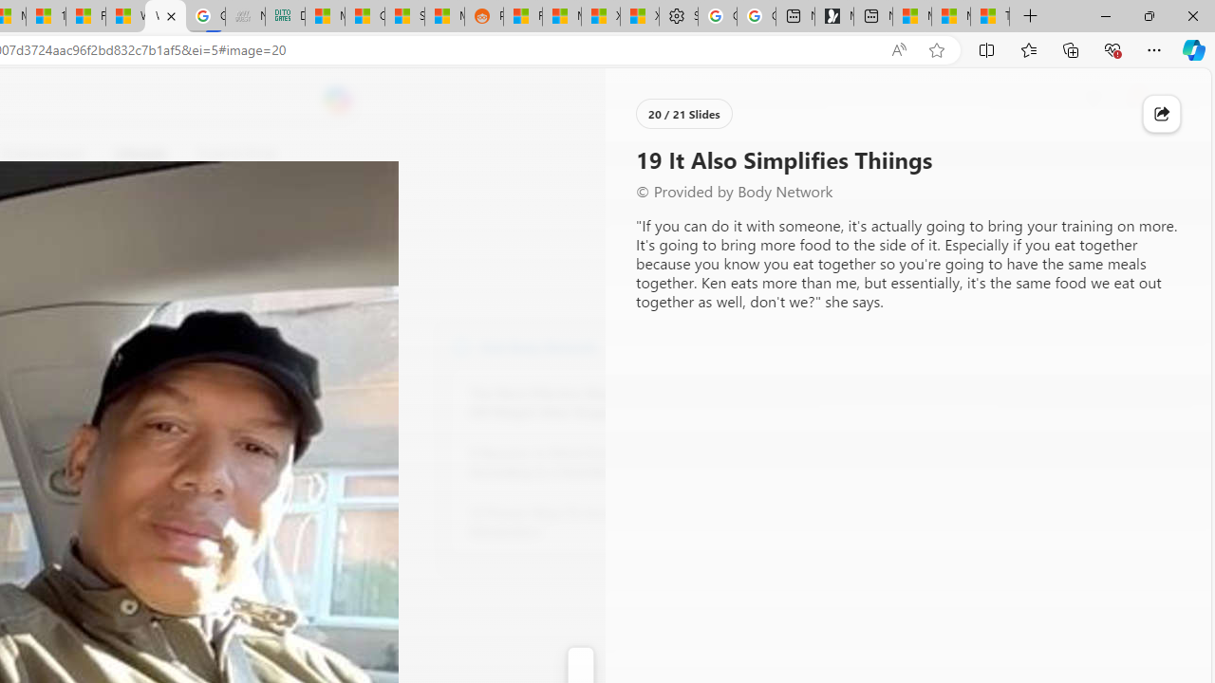  Describe the element at coordinates (989, 16) in the screenshot. I see `'These 3 Stocks Pay You More Than 5% to Own Them'` at that location.